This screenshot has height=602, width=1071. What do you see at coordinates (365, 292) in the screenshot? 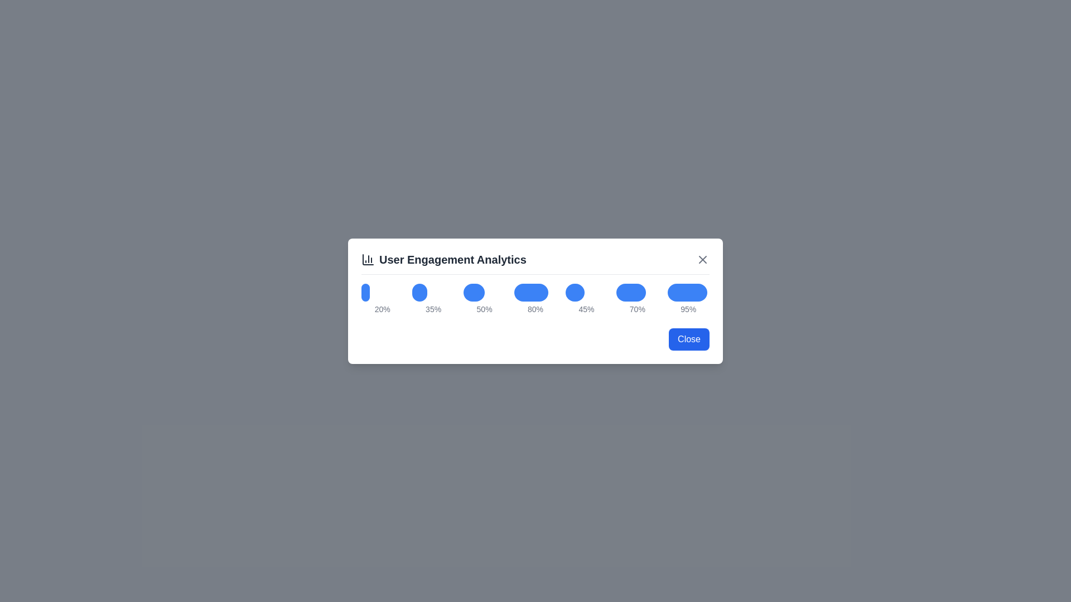
I see `the bar graph corresponding to the percentage 20` at bounding box center [365, 292].